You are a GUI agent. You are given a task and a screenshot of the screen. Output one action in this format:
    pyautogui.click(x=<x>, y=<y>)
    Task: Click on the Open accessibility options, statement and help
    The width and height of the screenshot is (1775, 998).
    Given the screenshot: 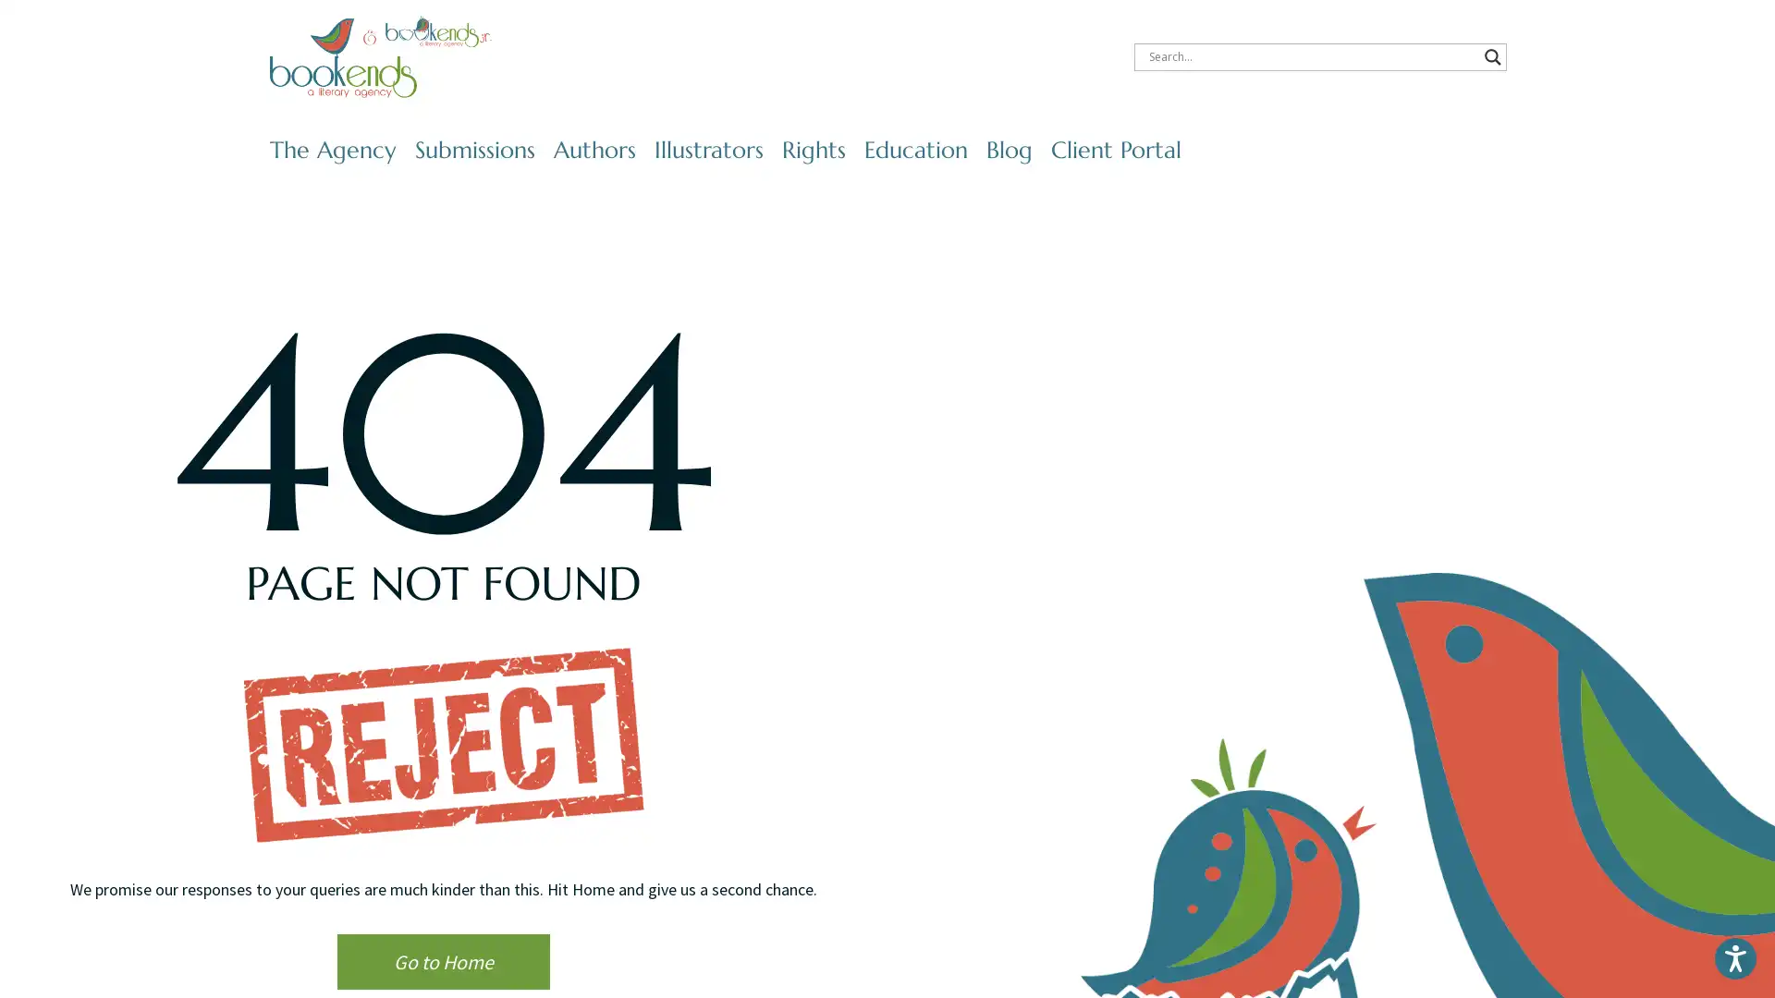 What is the action you would take?
    pyautogui.click(x=1734, y=957)
    